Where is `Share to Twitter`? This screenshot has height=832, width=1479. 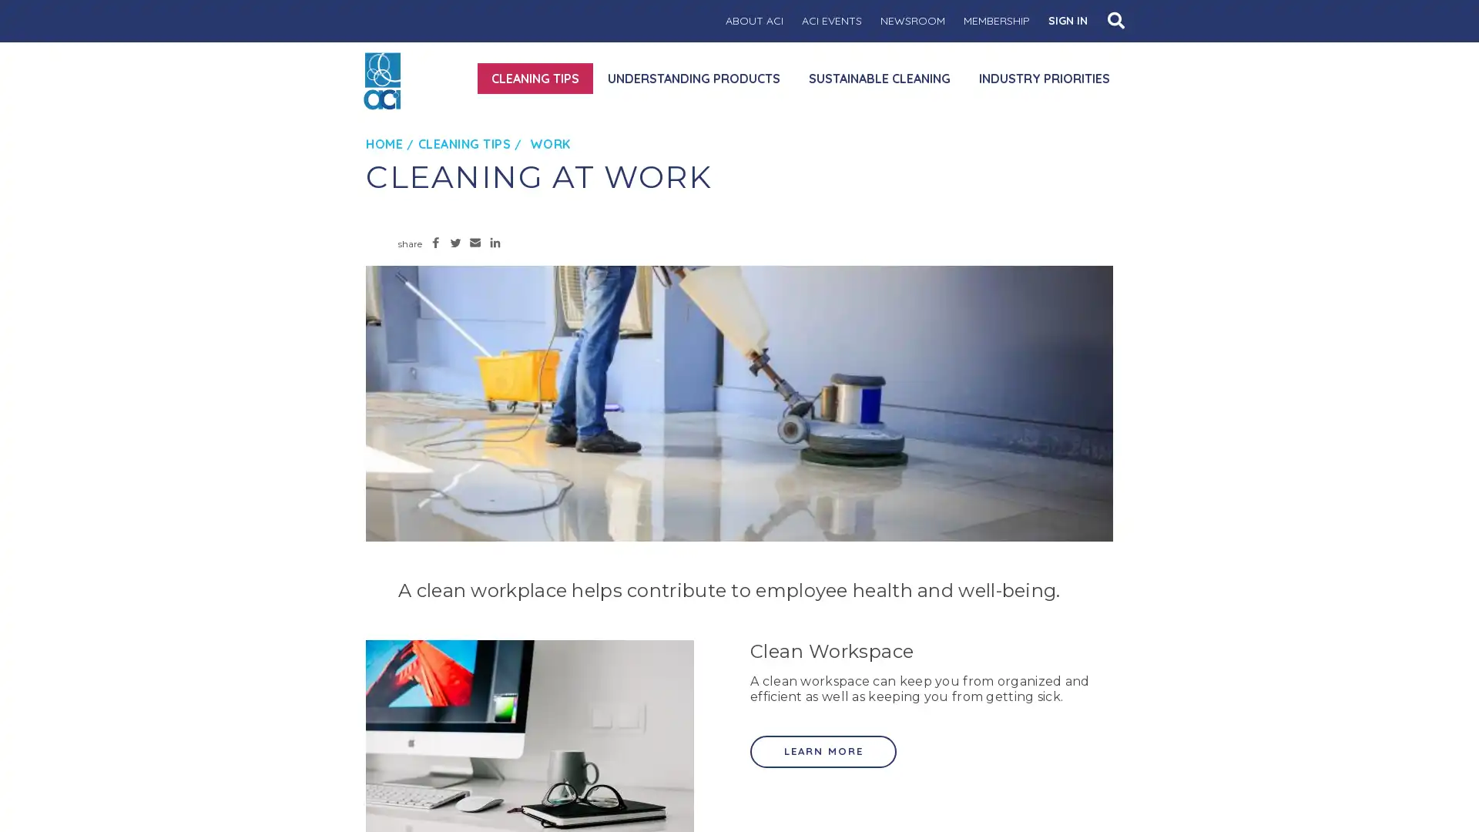 Share to Twitter is located at coordinates (453, 243).